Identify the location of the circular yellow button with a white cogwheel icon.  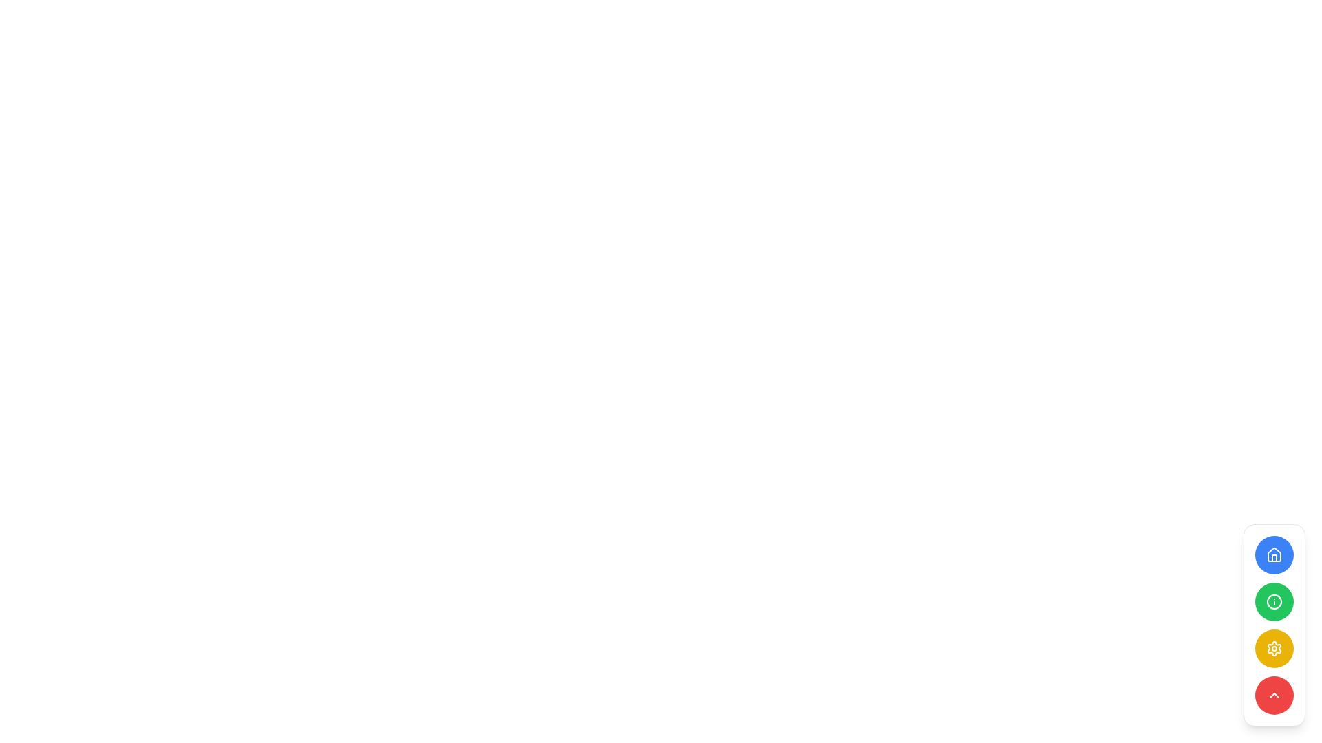
(1274, 648).